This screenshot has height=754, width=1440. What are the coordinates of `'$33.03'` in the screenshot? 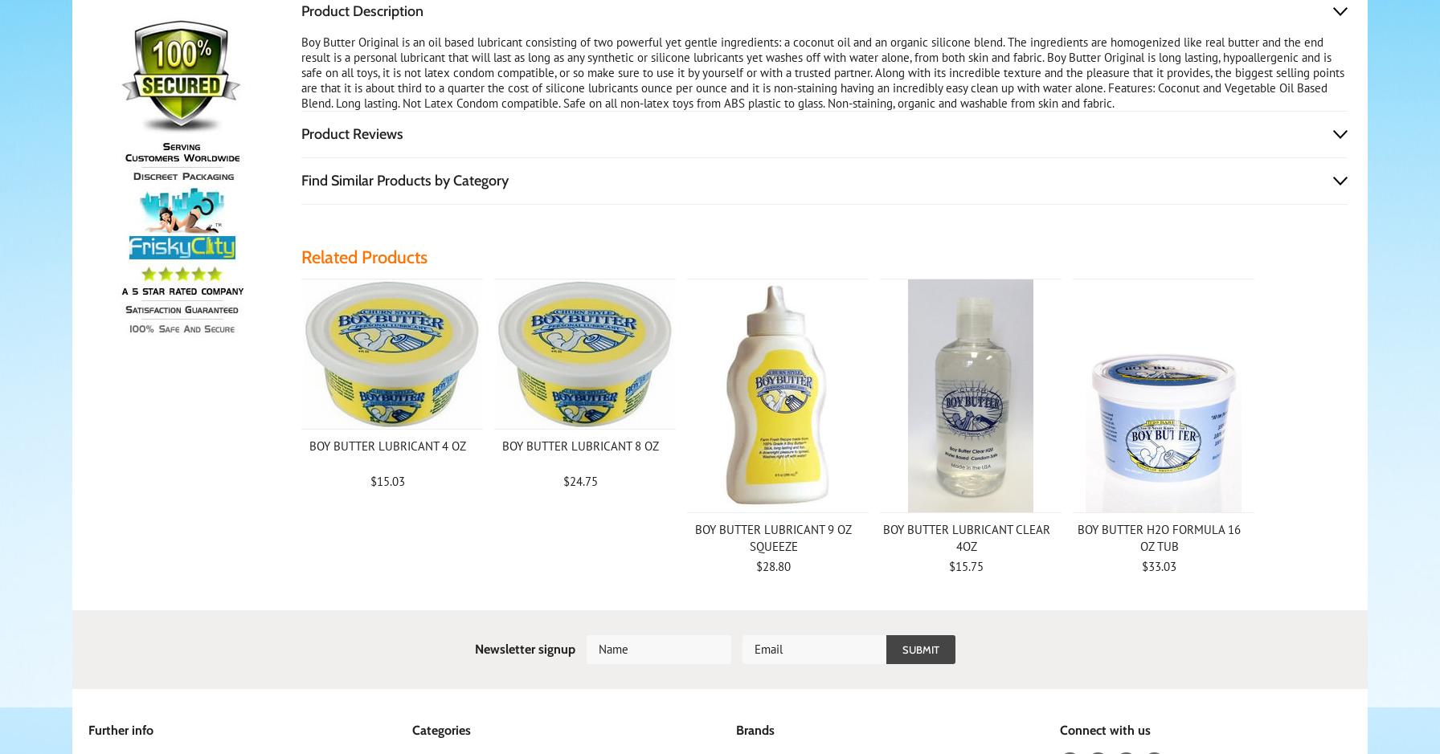 It's located at (1159, 565).